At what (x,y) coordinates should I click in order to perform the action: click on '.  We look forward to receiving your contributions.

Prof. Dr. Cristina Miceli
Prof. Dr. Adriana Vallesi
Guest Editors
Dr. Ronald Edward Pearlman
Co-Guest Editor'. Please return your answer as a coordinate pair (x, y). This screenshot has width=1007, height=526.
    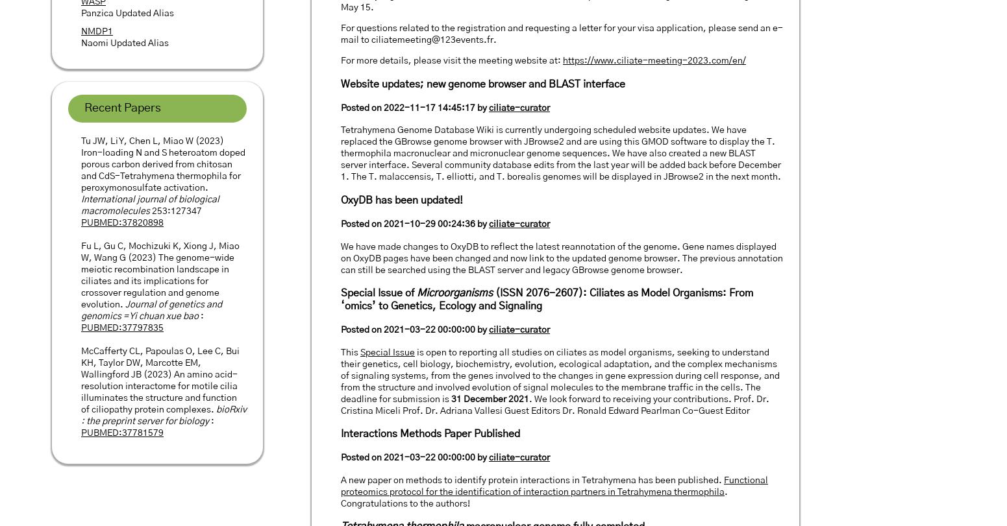
    Looking at the image, I should click on (554, 403).